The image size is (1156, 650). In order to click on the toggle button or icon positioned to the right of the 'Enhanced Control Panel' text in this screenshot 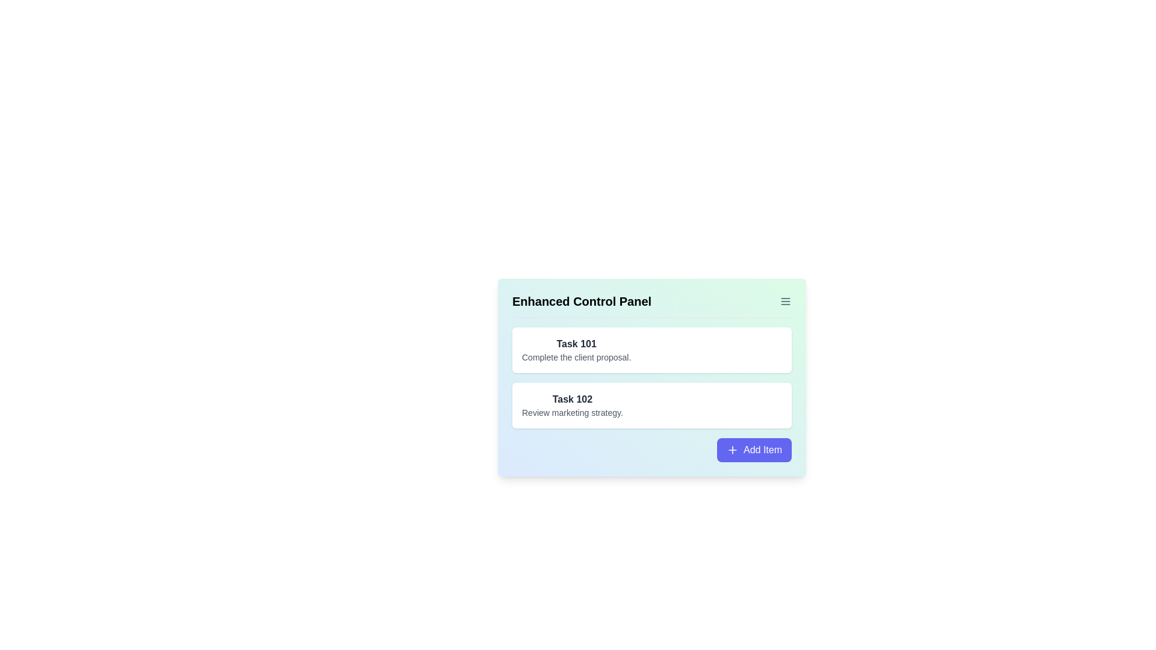, I will do `click(786, 301)`.